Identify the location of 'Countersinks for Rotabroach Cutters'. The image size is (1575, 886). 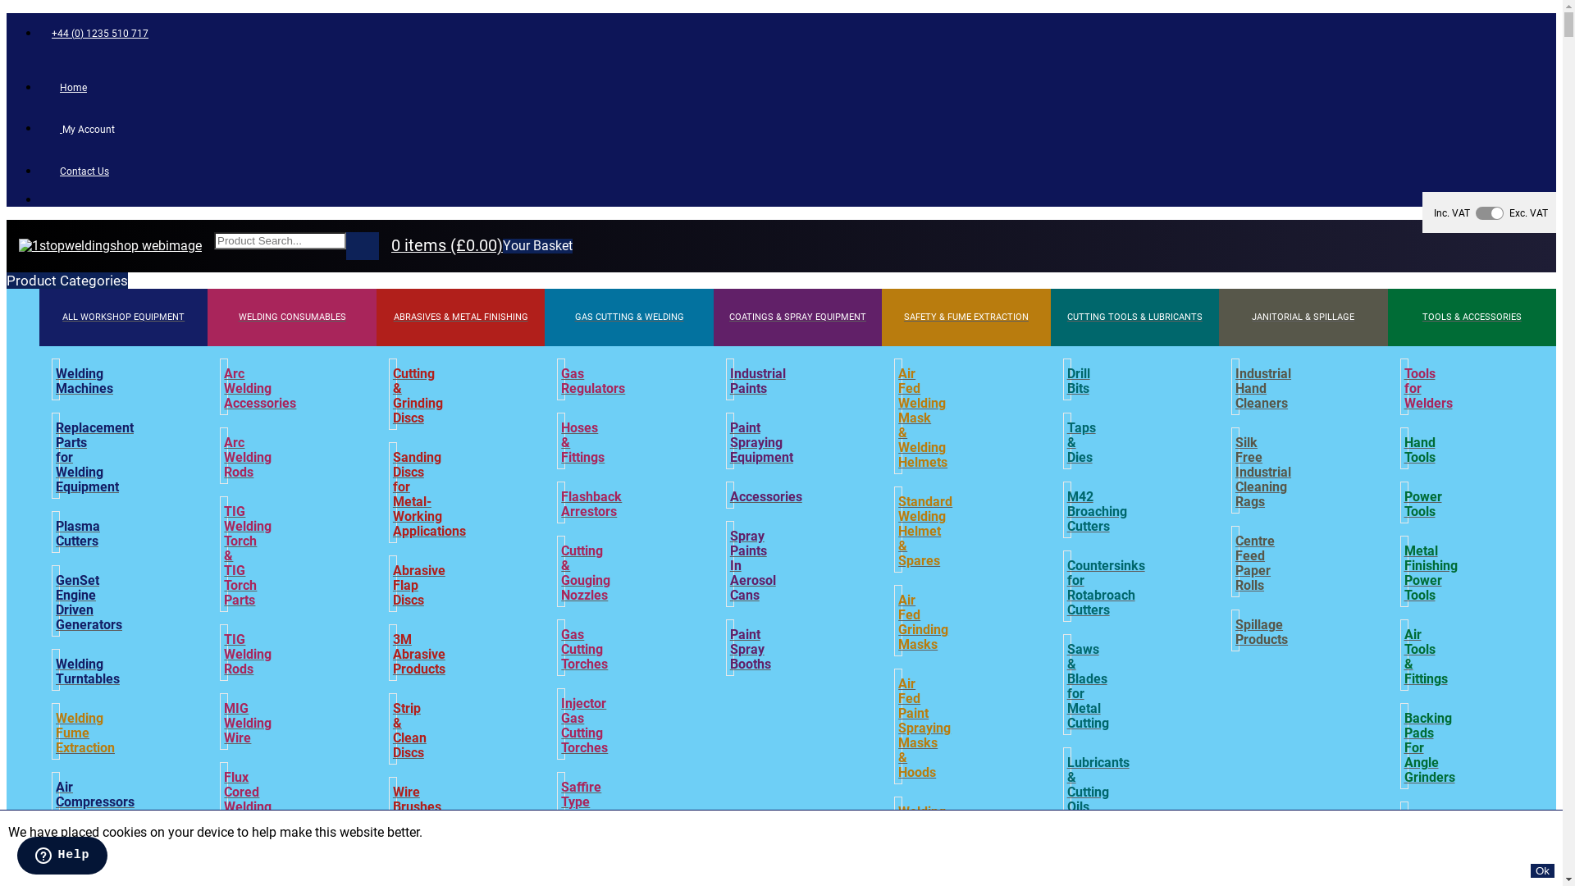
(1106, 587).